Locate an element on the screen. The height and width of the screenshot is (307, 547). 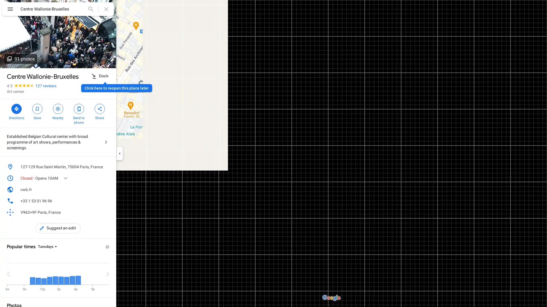
Copy address is located at coordinates (107, 166).